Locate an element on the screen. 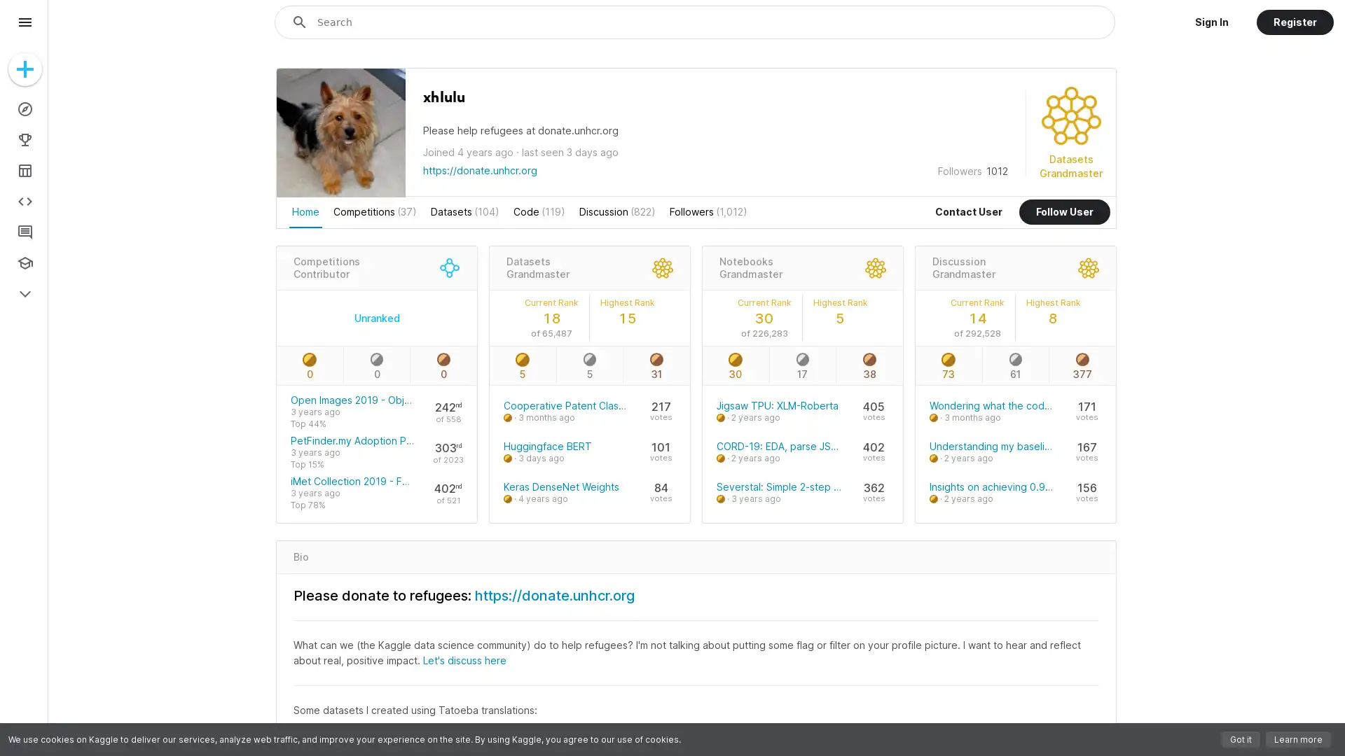 The height and width of the screenshot is (756, 1345). xhlulu is located at coordinates (443, 97).